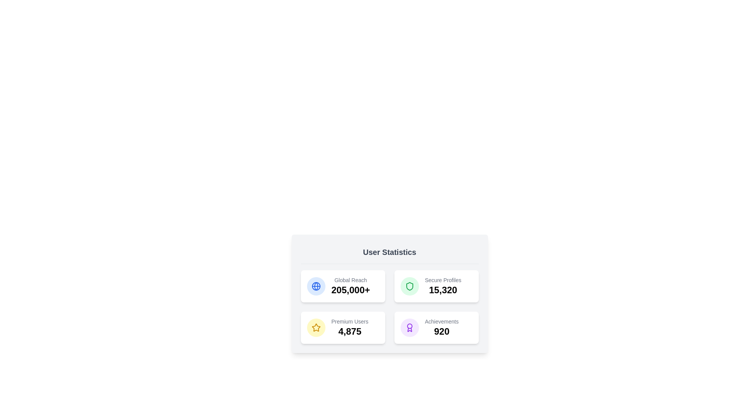 This screenshot has height=414, width=736. Describe the element at coordinates (443, 280) in the screenshot. I see `the static text label in the top-right quadrant of the 'User Statistics' card, which is adjacent to the green shield icon and above the number '15,320'` at that location.